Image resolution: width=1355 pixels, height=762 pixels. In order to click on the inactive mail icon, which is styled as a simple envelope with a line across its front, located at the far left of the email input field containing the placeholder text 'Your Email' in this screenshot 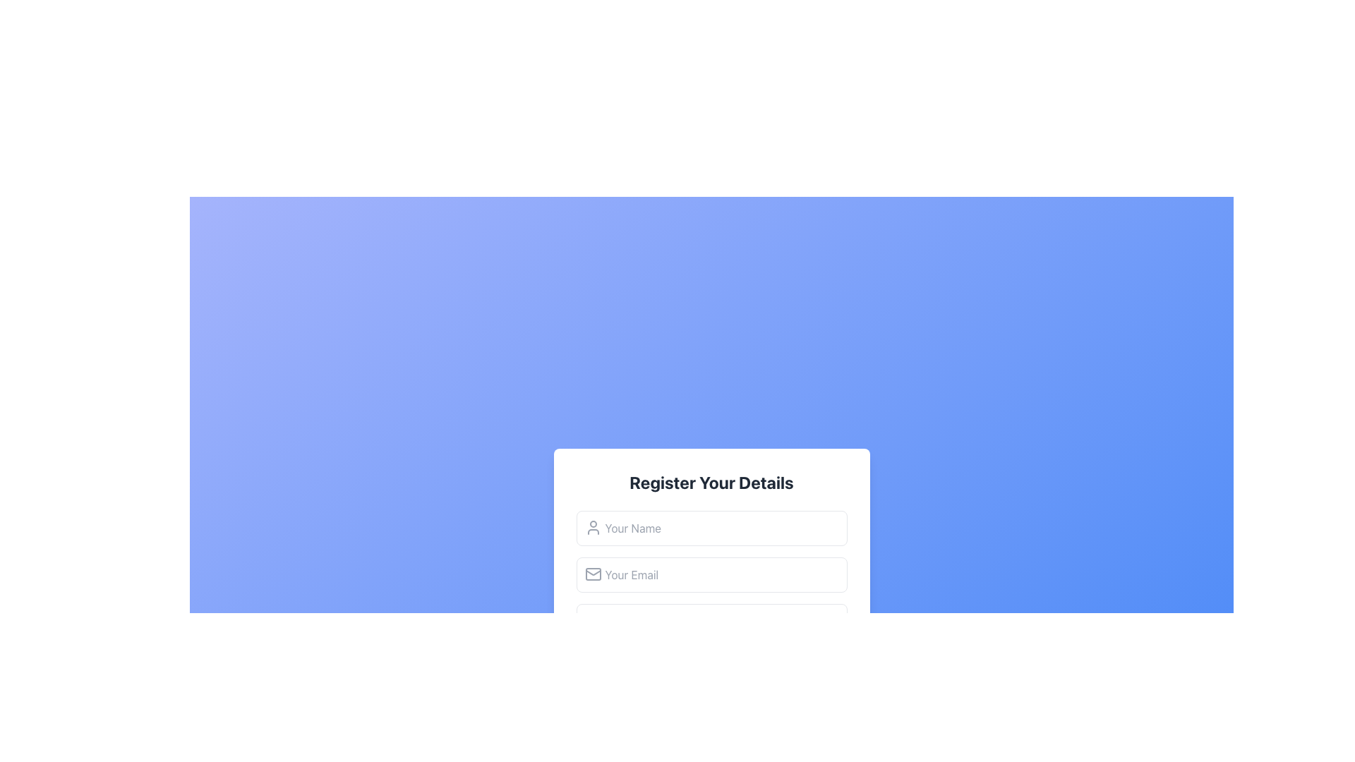, I will do `click(593, 574)`.